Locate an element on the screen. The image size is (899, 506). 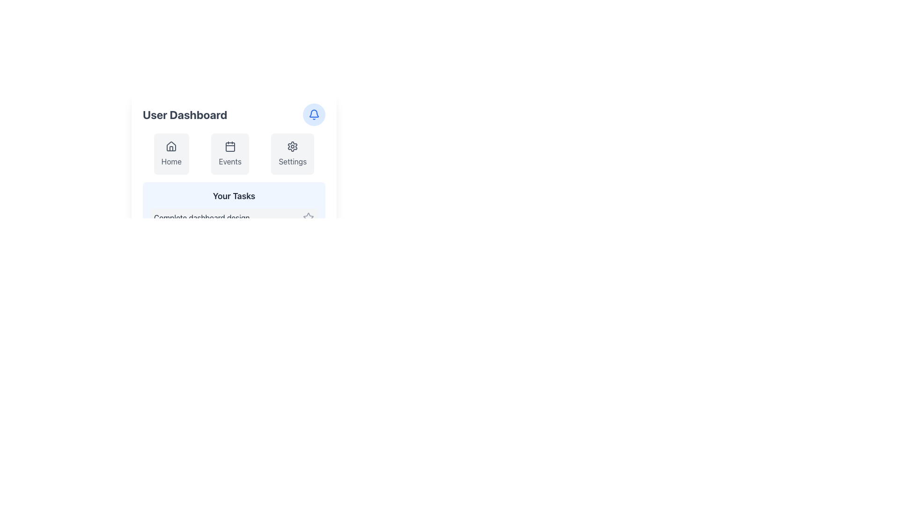
the Navigation Button located in the horizontal navigation section below 'User Dashboard' is located at coordinates (234, 140).